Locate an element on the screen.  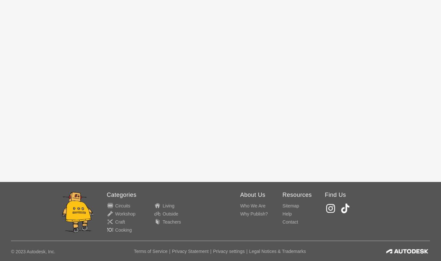
'Why Publish?' is located at coordinates (253, 214).